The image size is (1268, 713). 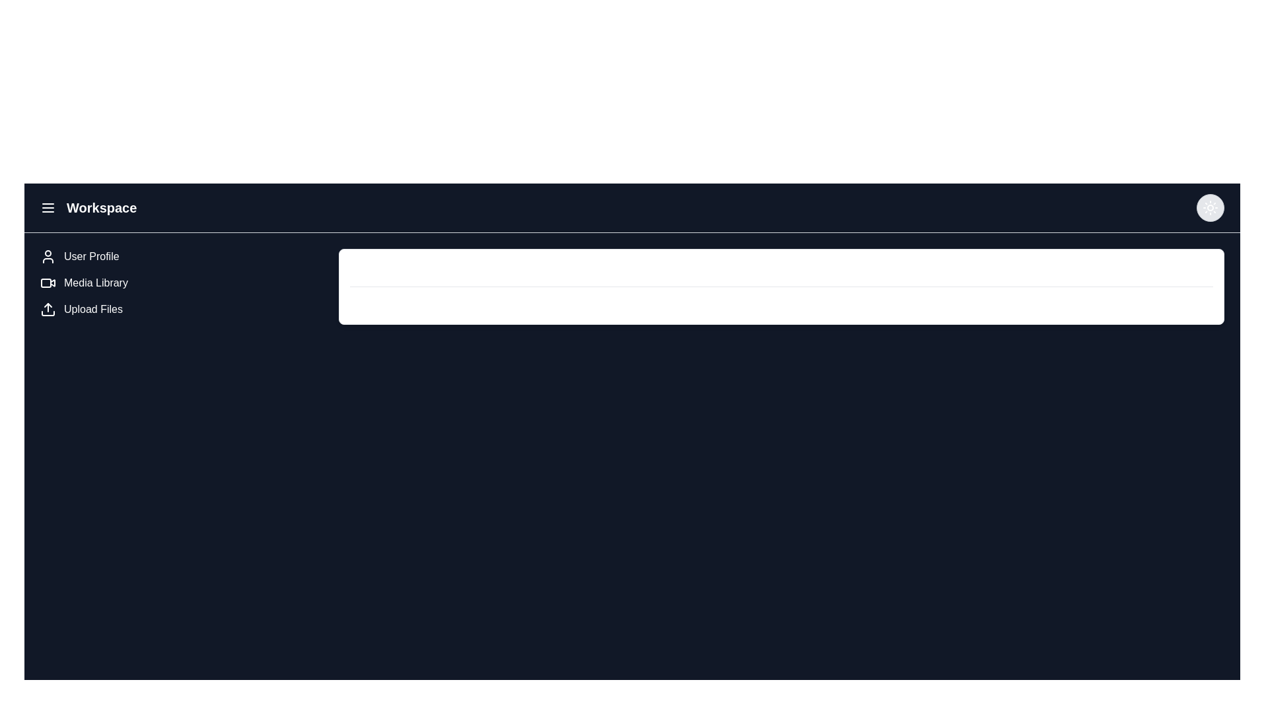 What do you see at coordinates (184, 257) in the screenshot?
I see `the 'User Profile' navigation item with a user silhouette icon for keyboard interaction` at bounding box center [184, 257].